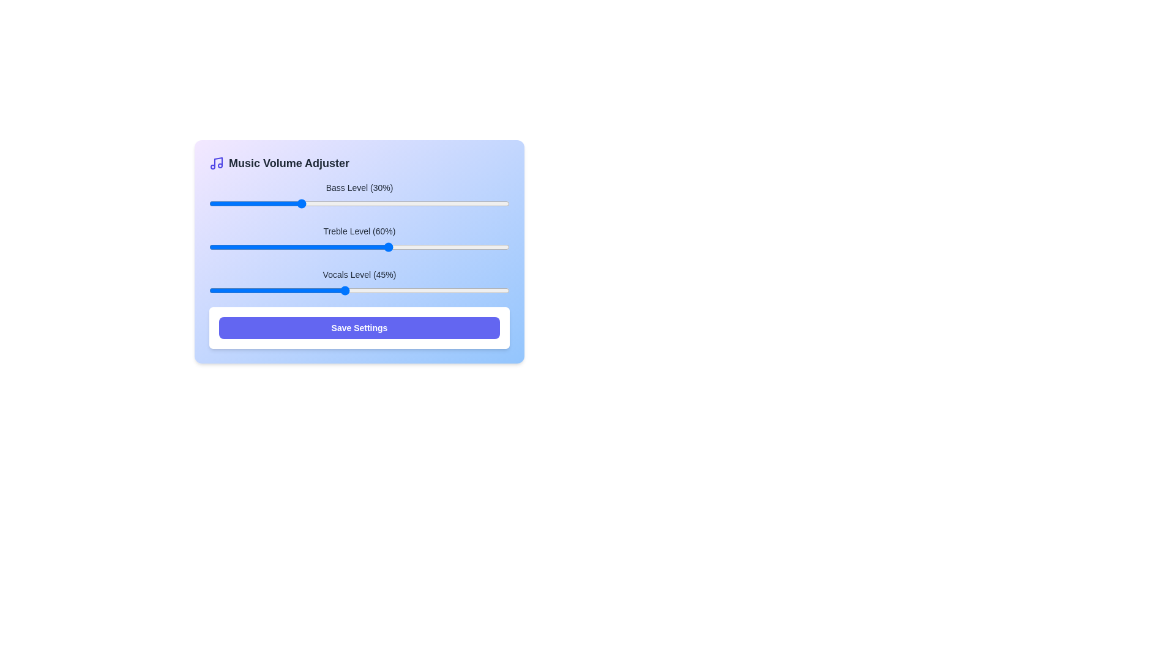 This screenshot has width=1175, height=661. I want to click on the bass level, so click(272, 203).